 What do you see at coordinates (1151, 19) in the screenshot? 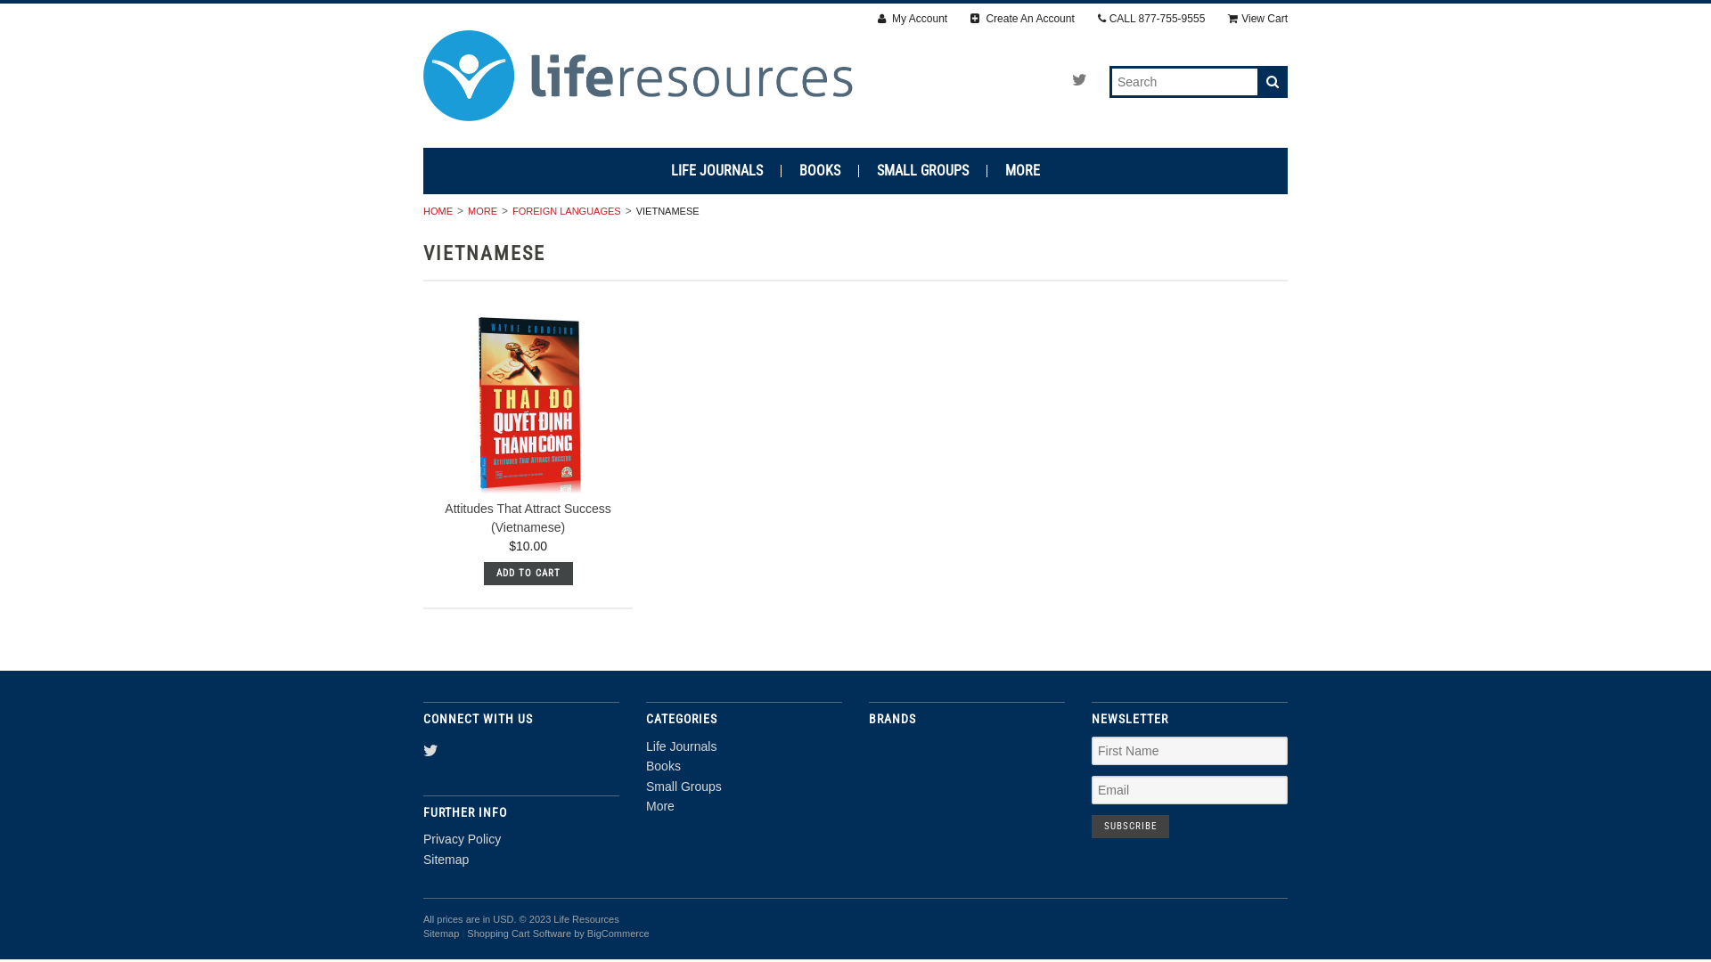
I see `'CALL 877-755-9555'` at bounding box center [1151, 19].